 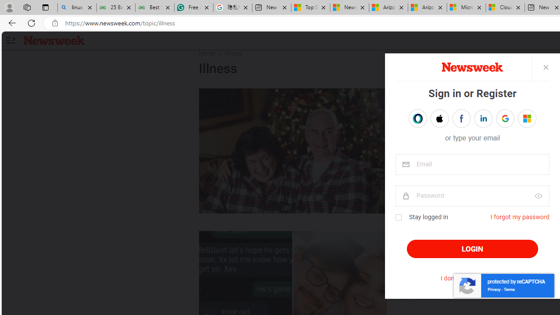 I want to click on 'Best SSL Certificates Provider in India - GeeksforGeeks', so click(x=154, y=7).